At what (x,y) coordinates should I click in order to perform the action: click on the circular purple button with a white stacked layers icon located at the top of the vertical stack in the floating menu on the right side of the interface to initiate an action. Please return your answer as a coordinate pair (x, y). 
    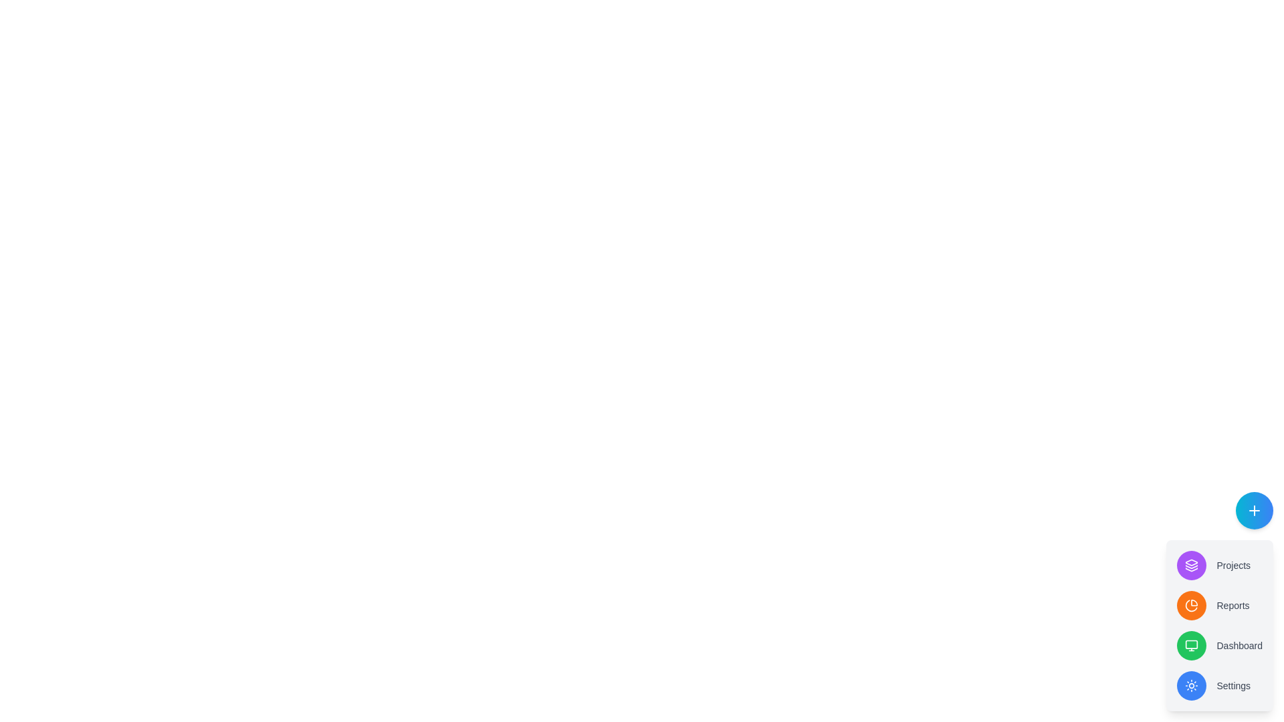
    Looking at the image, I should click on (1191, 565).